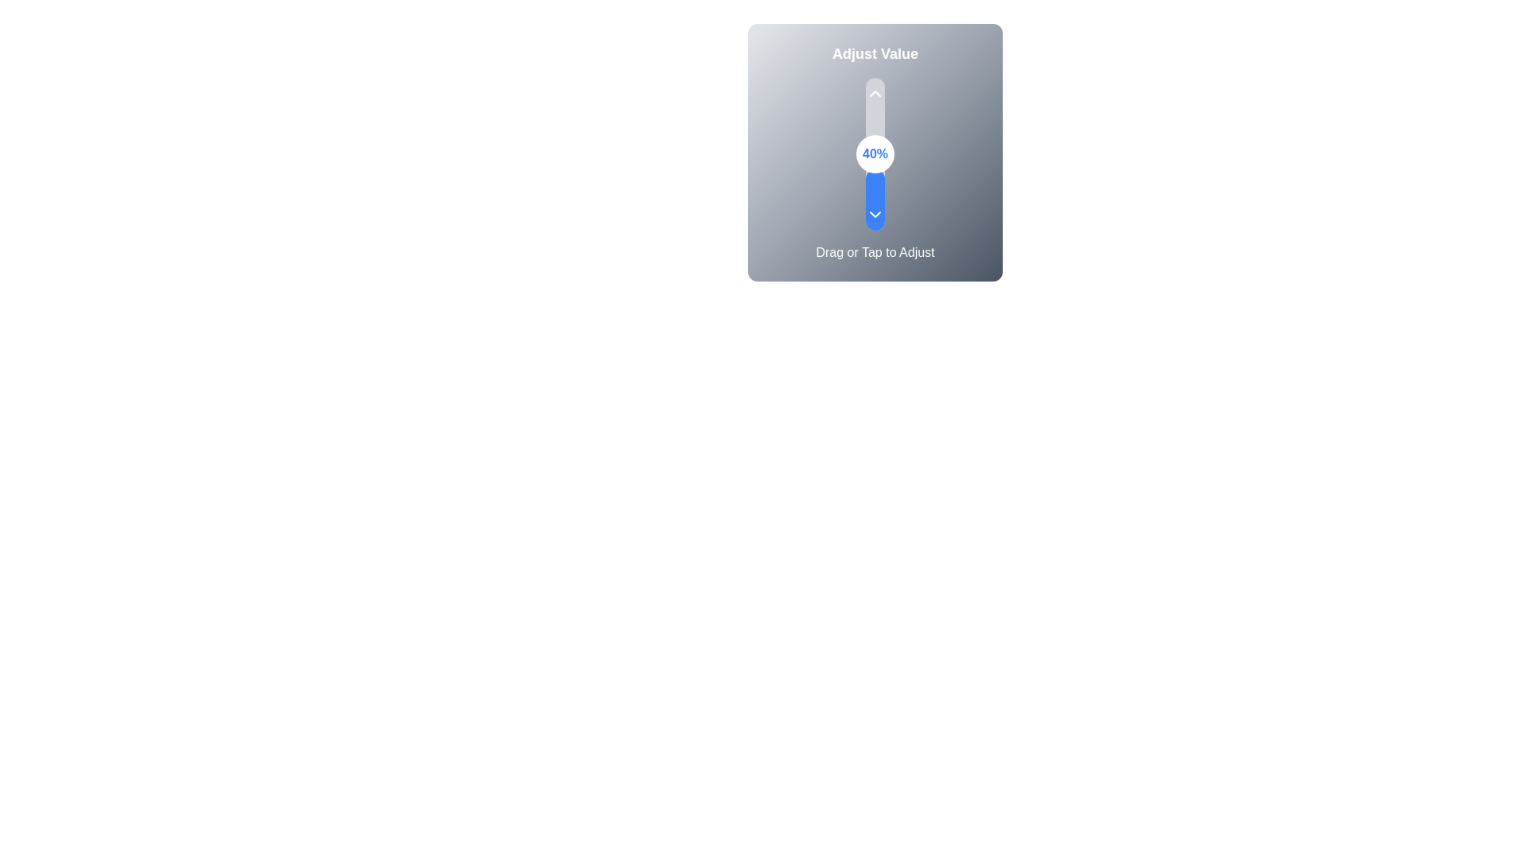 This screenshot has height=859, width=1528. Describe the element at coordinates (874, 134) in the screenshot. I see `the slider value` at that location.